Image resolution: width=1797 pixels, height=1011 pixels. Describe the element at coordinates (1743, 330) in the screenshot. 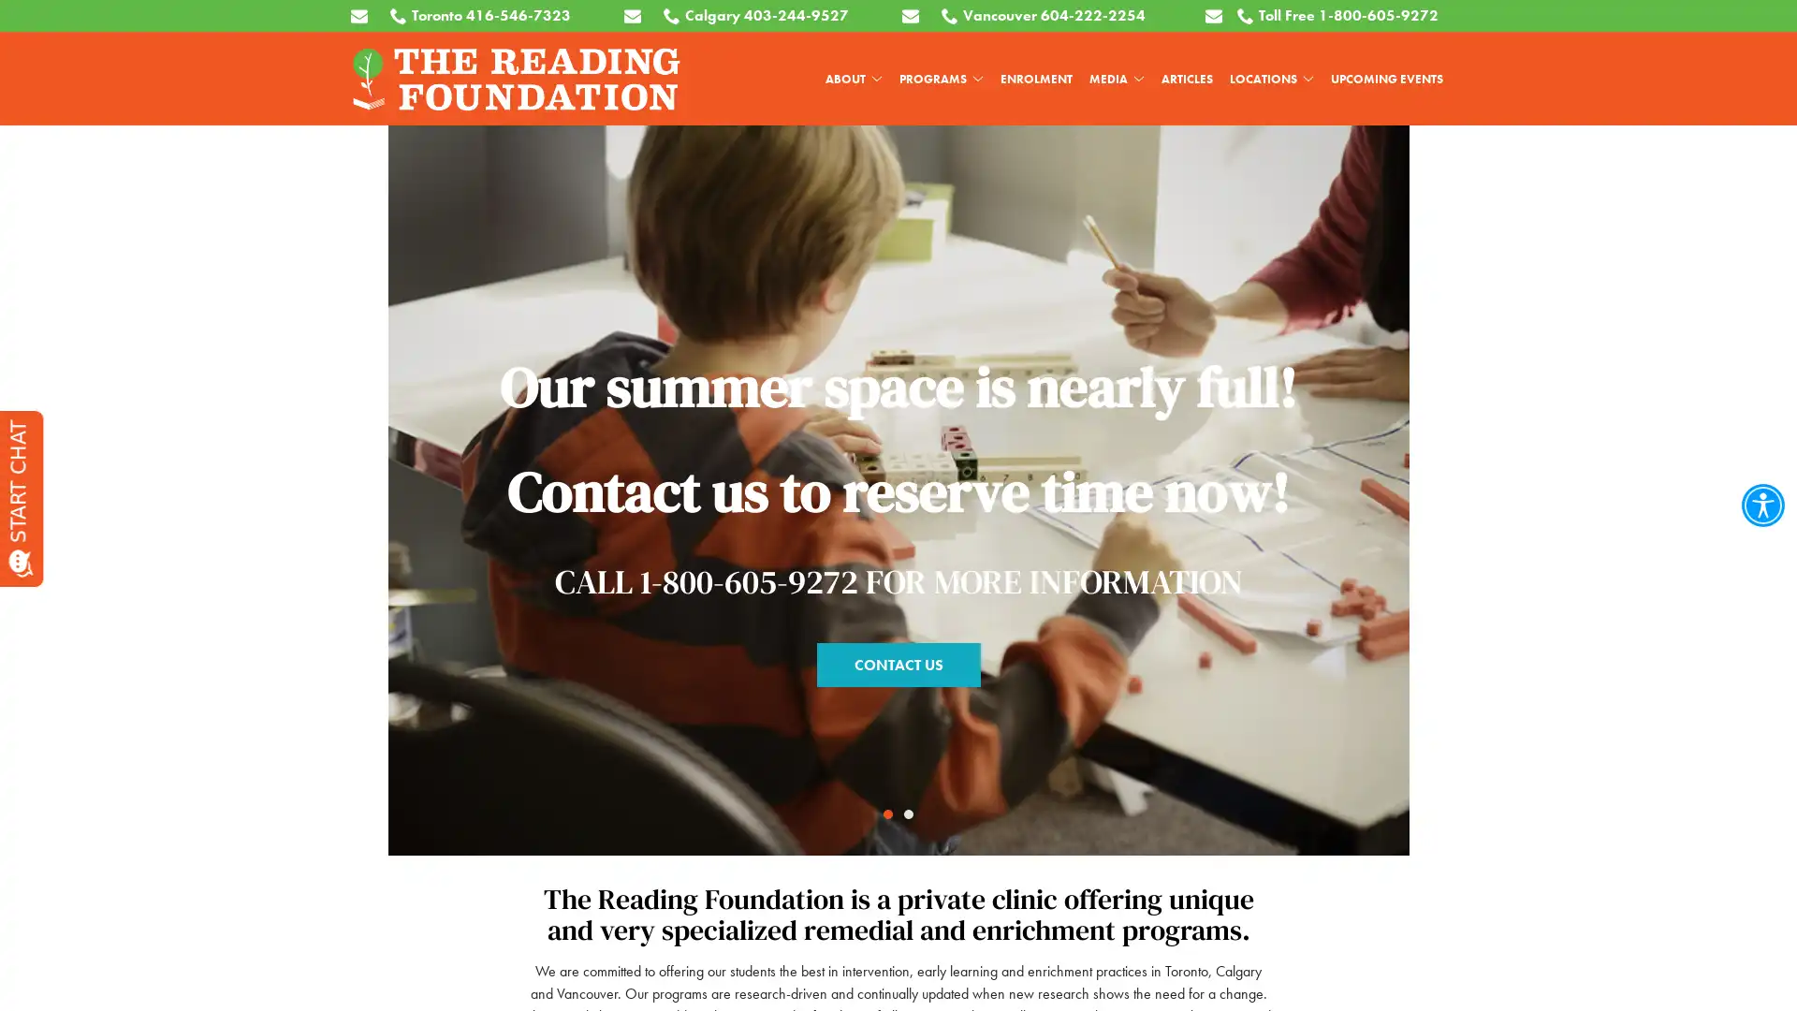

I see `Next` at that location.